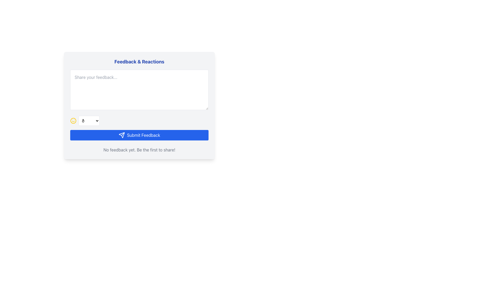 This screenshot has width=503, height=283. What do you see at coordinates (73, 121) in the screenshot?
I see `the positivity icon located at the top-left corner of the feedback form, preceding the dropdown menu` at bounding box center [73, 121].